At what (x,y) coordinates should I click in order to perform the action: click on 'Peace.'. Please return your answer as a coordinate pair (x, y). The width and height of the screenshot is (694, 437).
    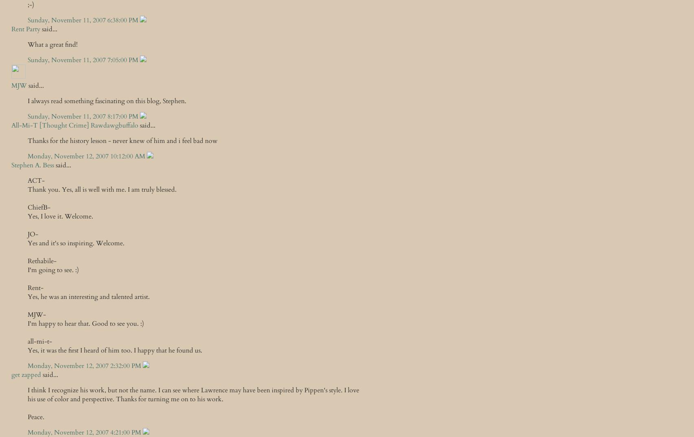
    Looking at the image, I should click on (36, 417).